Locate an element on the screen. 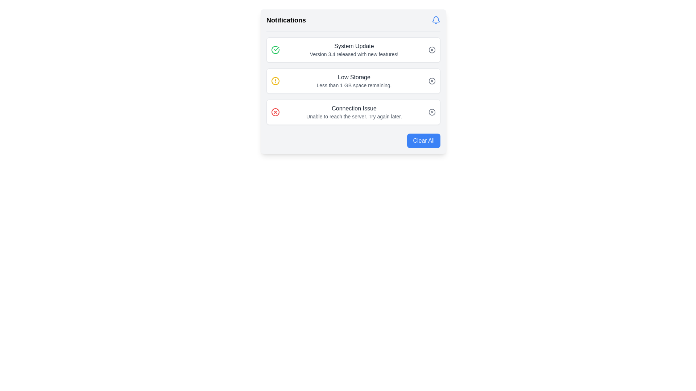 The height and width of the screenshot is (391, 696). the static text label indicating a connection issue, which is the third notification in the list, providing a message about the server being unreachable is located at coordinates (354, 112).